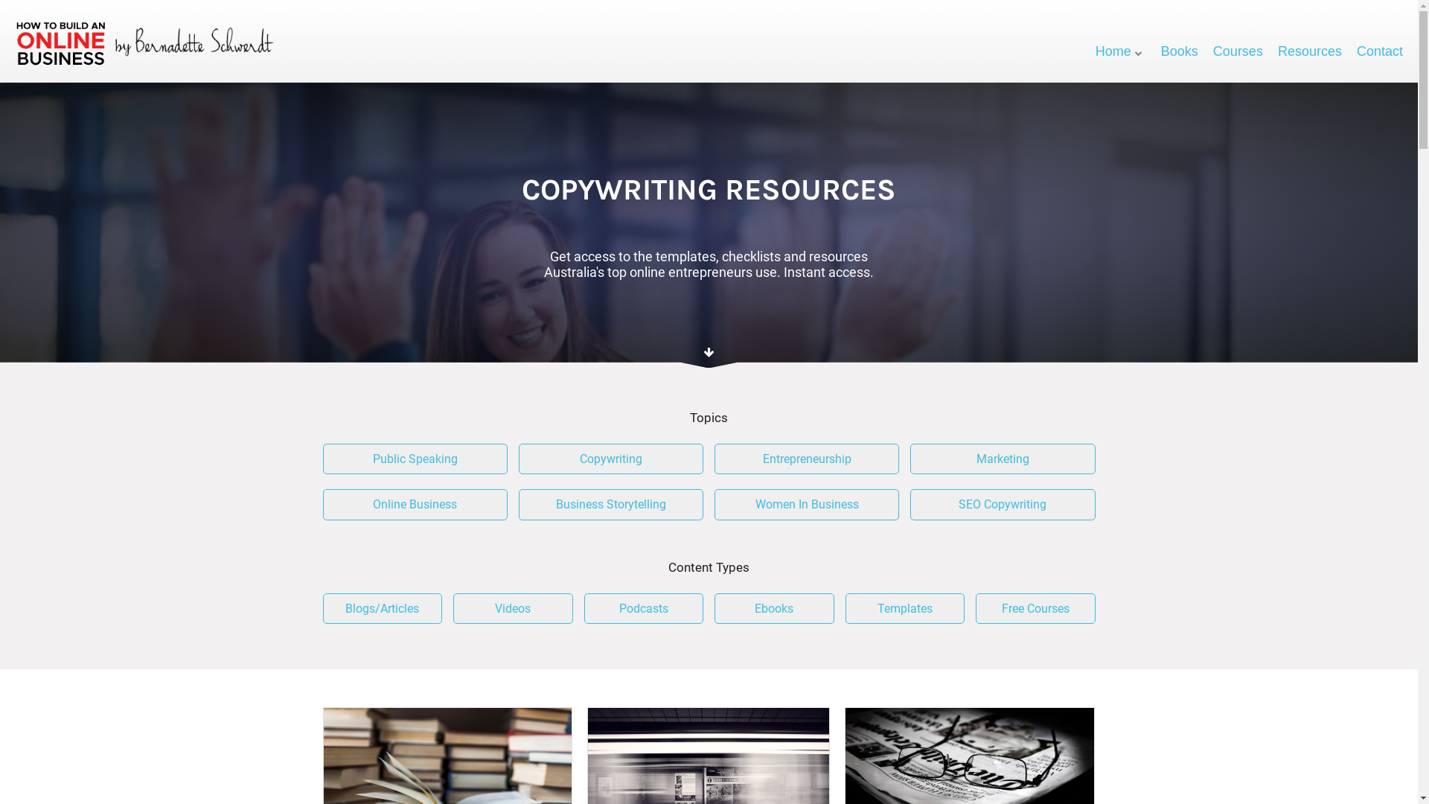 This screenshot has width=1429, height=804. I want to click on 'Templates', so click(845, 608).